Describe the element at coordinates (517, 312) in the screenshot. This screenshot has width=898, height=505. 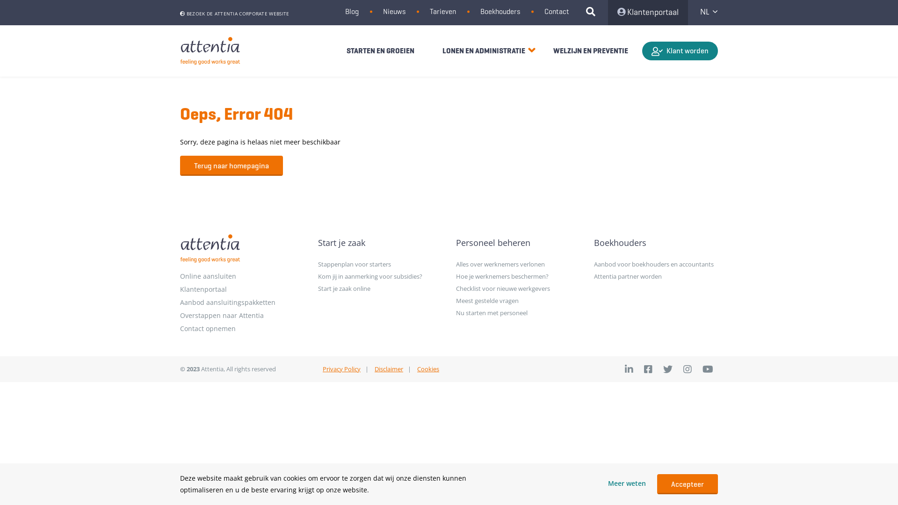
I see `'Nu starten met personeel'` at that location.